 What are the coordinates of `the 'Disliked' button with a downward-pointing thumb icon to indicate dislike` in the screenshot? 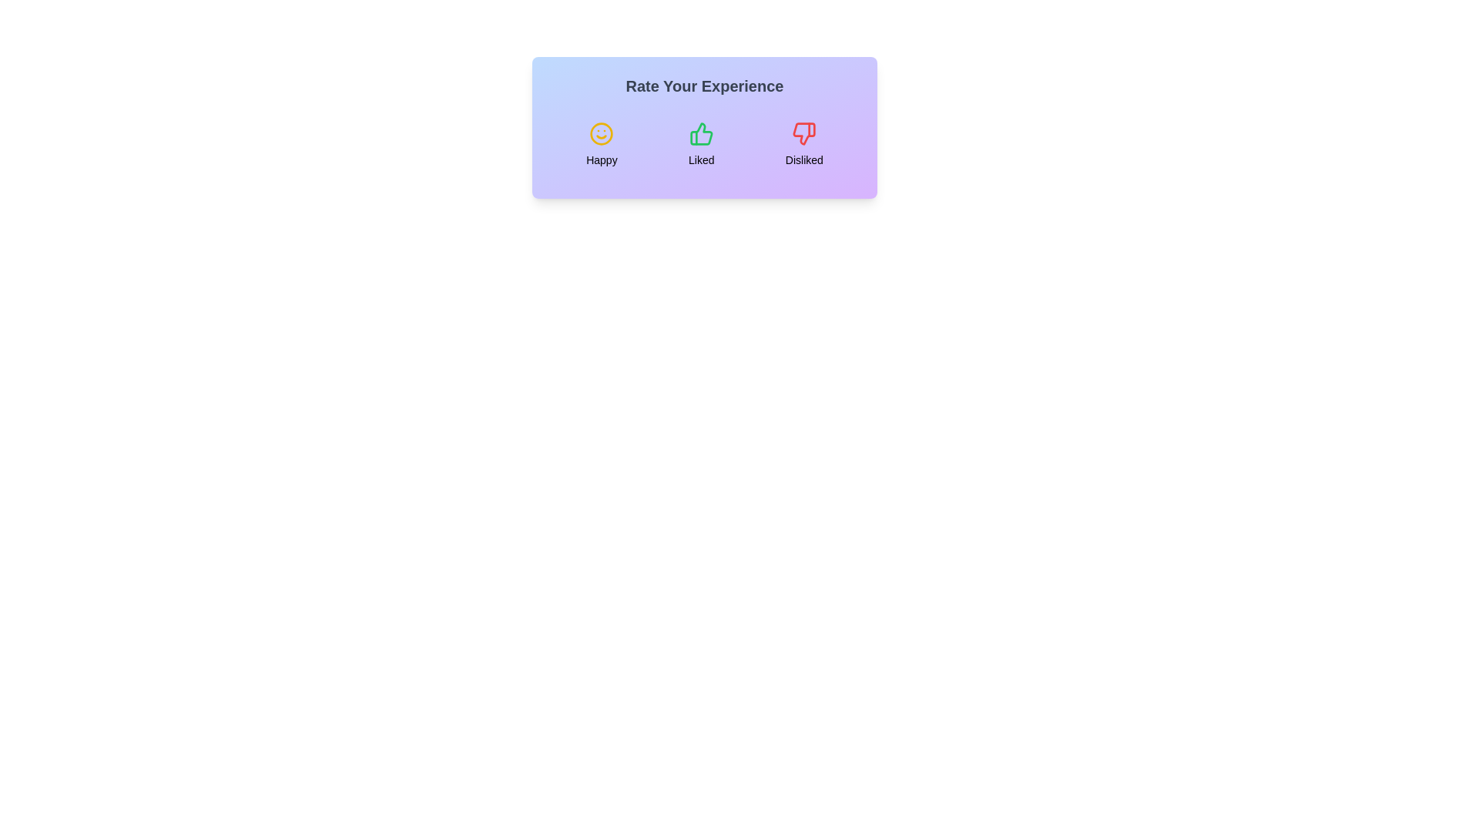 It's located at (803, 145).